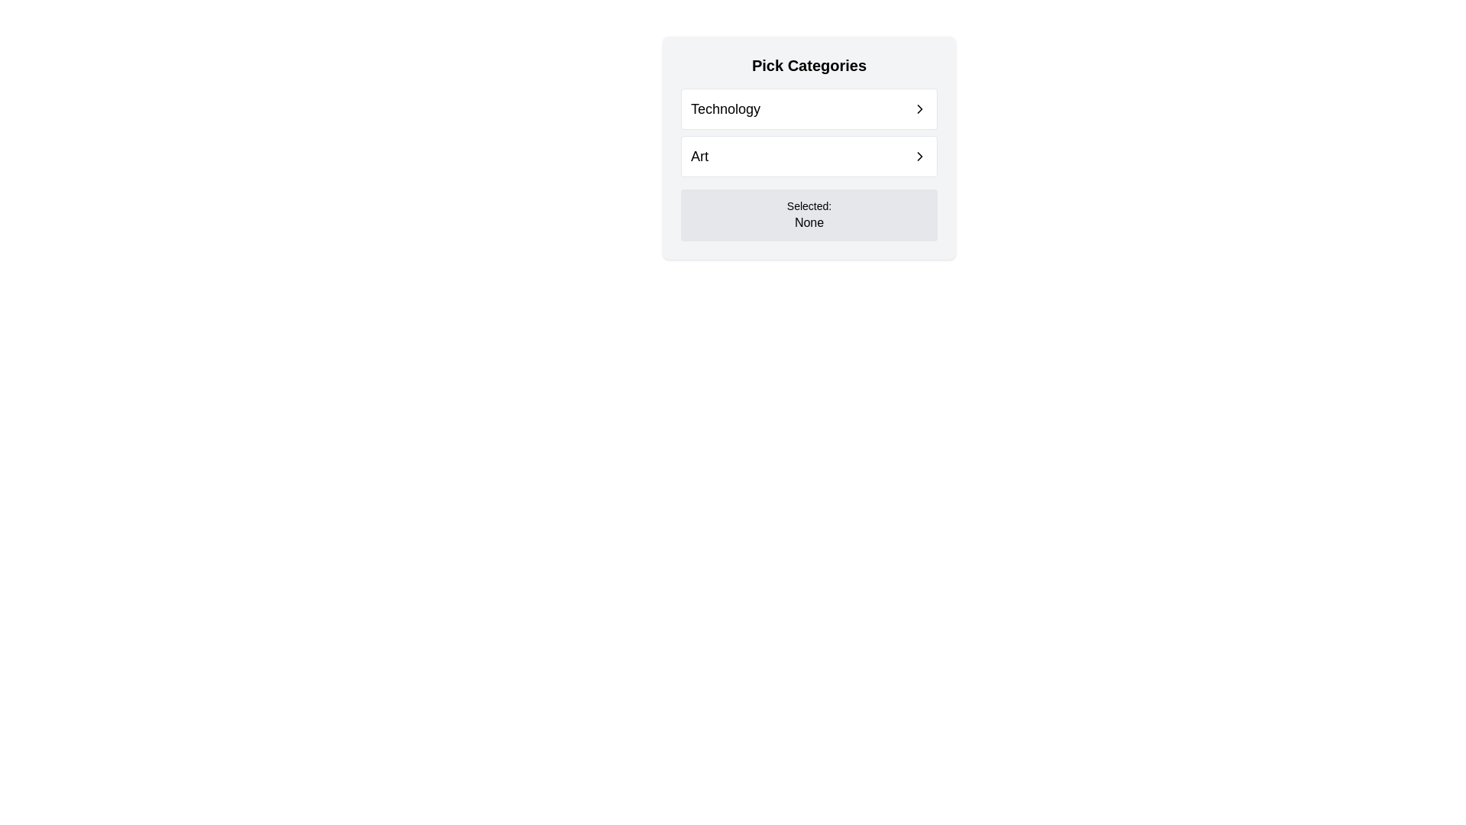  I want to click on the static text label located in the lower section of a light gray panel with rounded corners, which indicates the currently selected category or item and is horizontally centered above the text 'None', so click(809, 206).